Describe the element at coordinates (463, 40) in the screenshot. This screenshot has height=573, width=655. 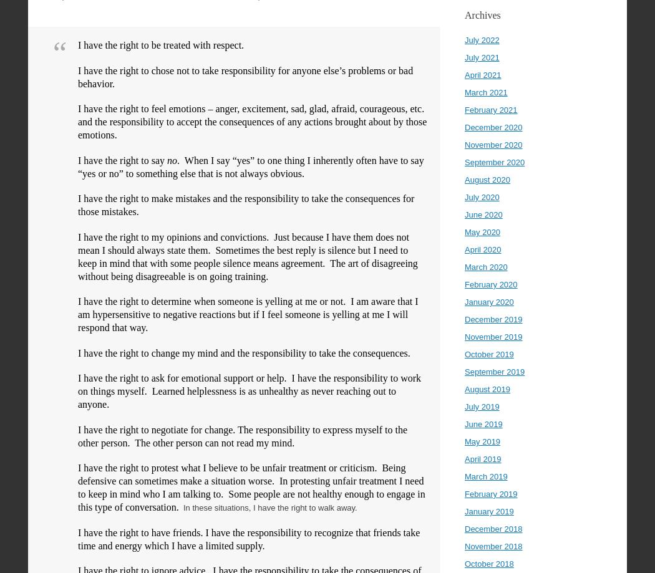
I see `'July 2022'` at that location.